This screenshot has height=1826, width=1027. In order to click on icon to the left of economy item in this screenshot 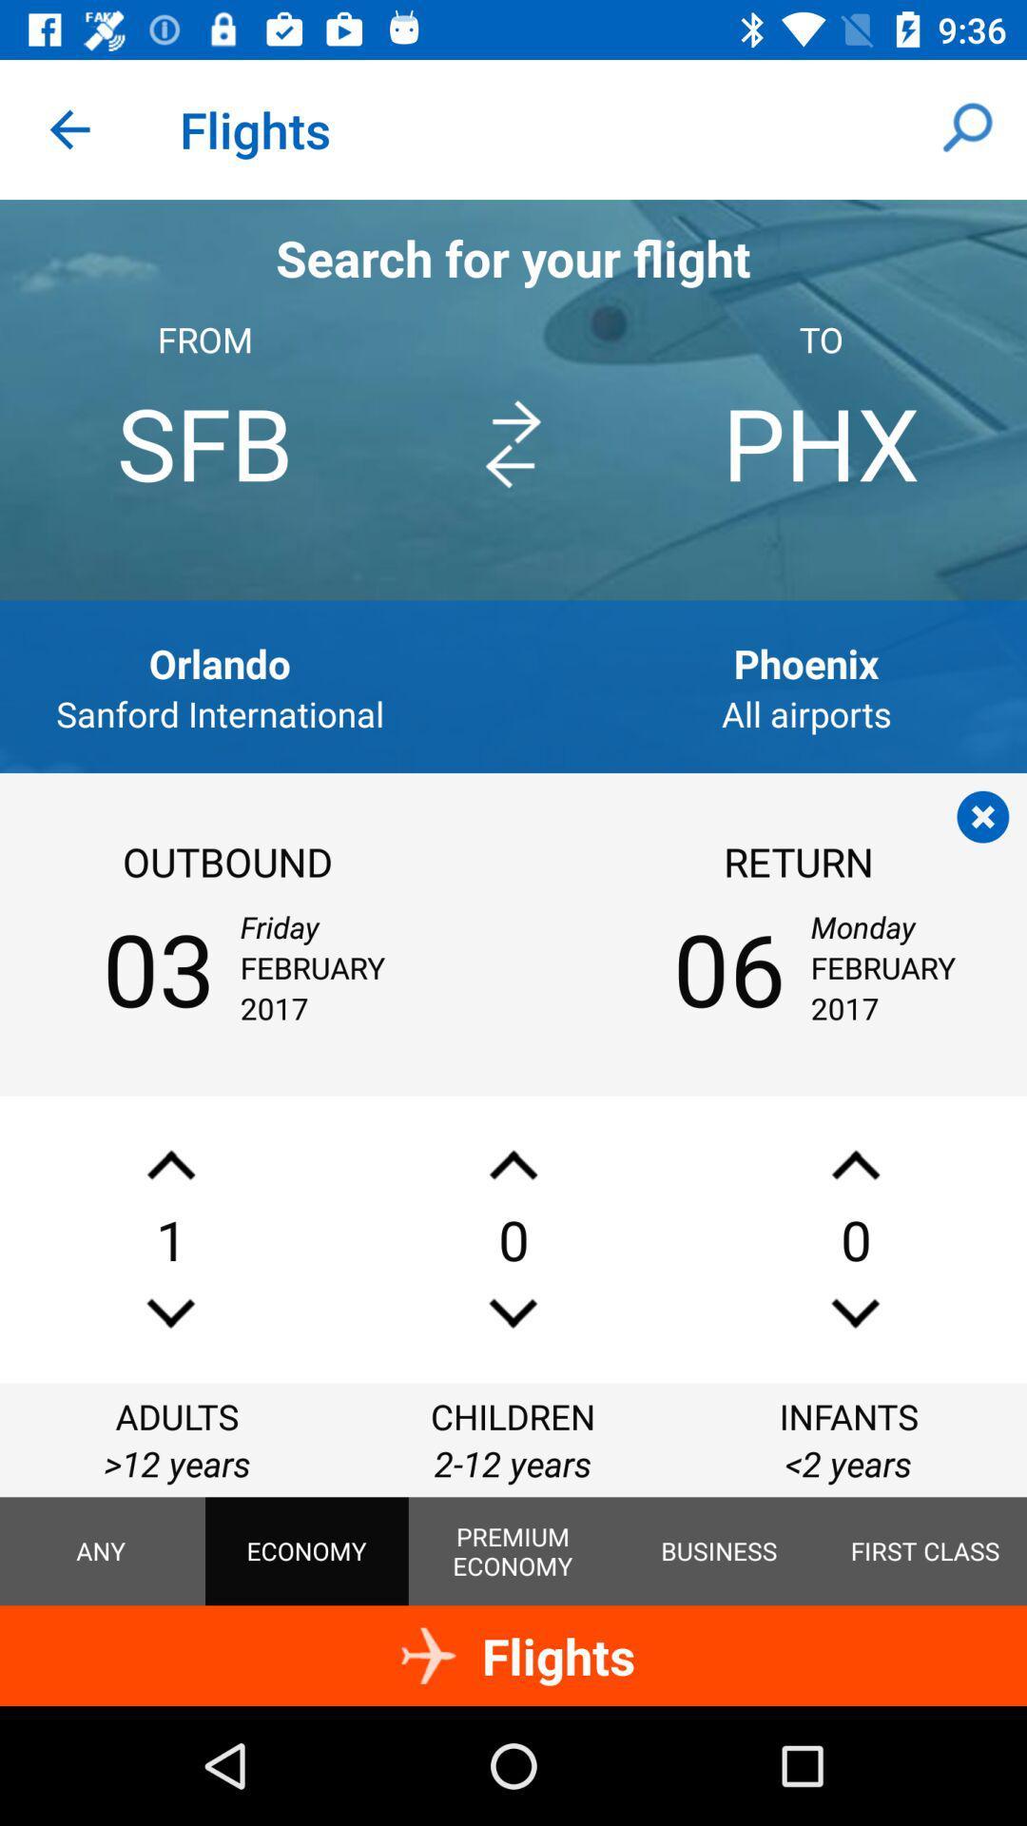, I will do `click(101, 1551)`.